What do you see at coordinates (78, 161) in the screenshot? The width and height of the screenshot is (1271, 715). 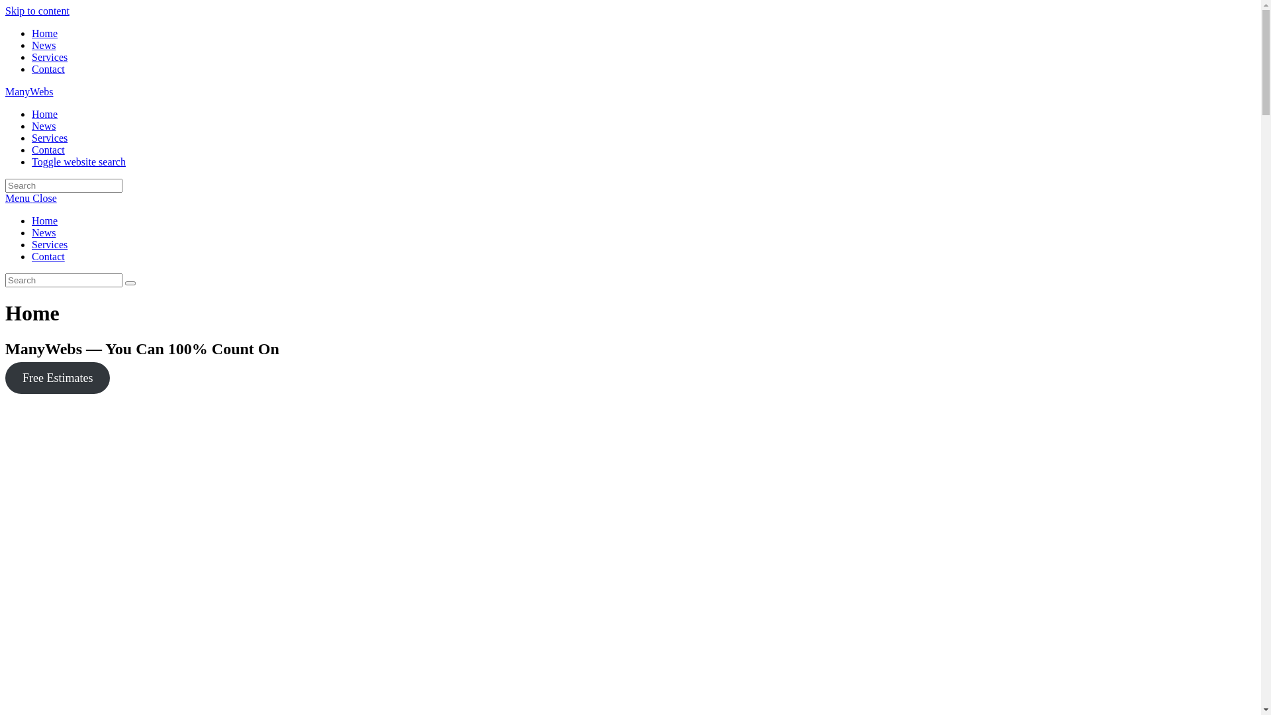 I see `'Toggle website search'` at bounding box center [78, 161].